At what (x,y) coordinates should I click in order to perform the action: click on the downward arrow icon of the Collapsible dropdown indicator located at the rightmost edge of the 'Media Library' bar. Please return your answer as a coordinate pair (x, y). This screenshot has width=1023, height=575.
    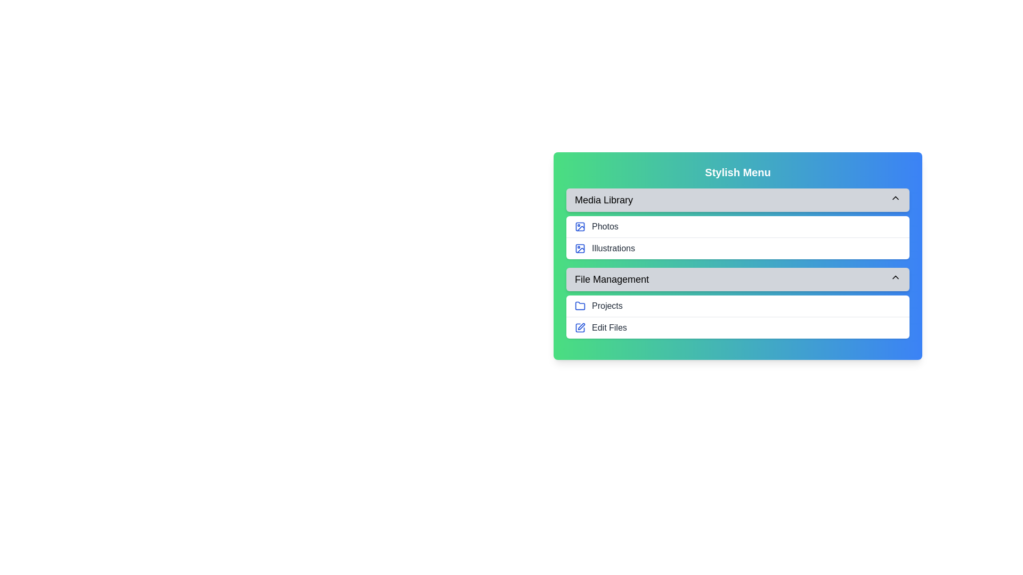
    Looking at the image, I should click on (895, 198).